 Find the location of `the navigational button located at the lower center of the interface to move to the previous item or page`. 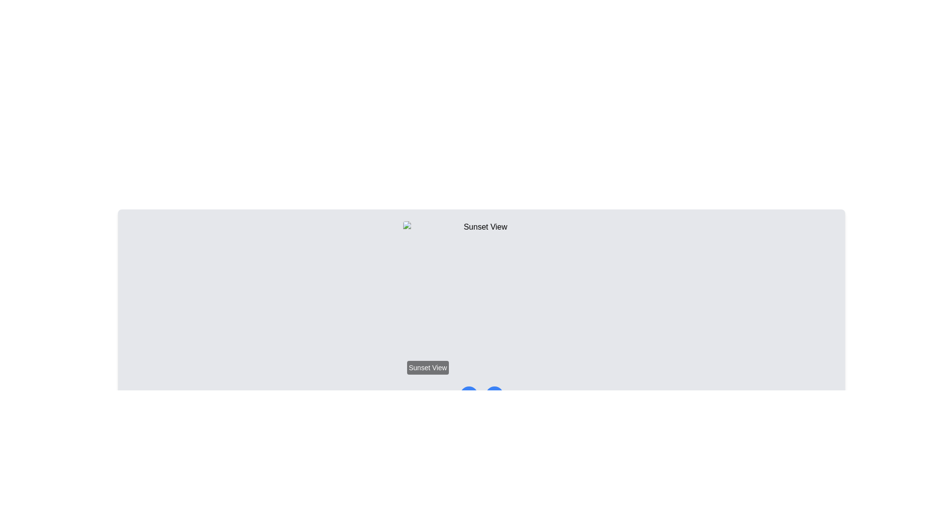

the navigational button located at the lower center of the interface to move to the previous item or page is located at coordinates (468, 394).